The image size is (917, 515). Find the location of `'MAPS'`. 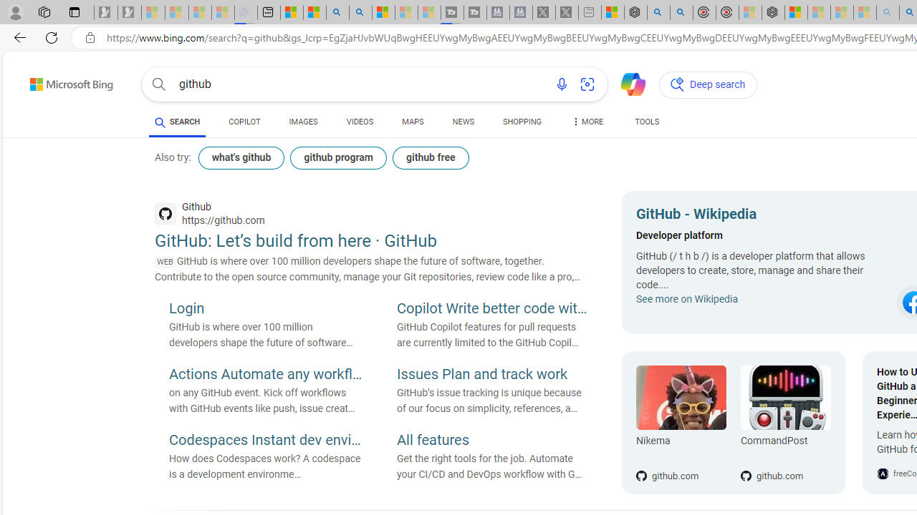

'MAPS' is located at coordinates (412, 123).